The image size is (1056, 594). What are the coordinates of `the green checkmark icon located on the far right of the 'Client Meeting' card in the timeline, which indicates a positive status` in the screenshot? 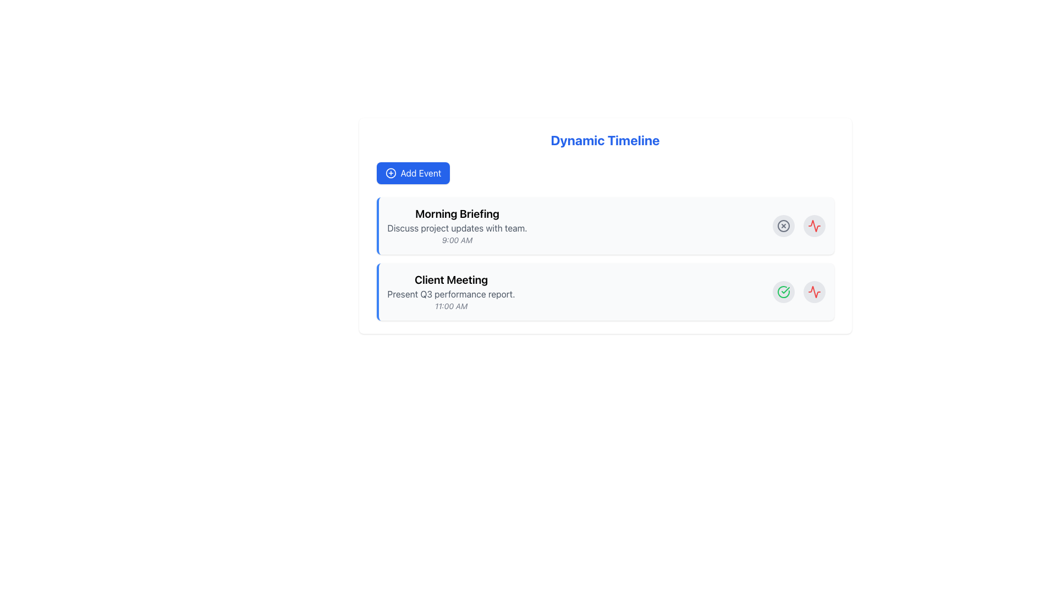 It's located at (785, 290).